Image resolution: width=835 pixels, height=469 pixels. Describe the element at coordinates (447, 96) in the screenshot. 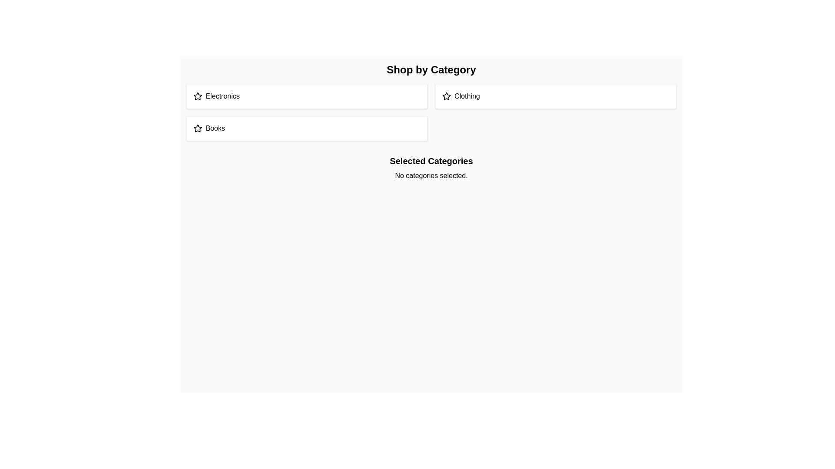

I see `the star-shaped icon with a hollow center located to the left of the 'Clothing' text label in the 'Shop by Category' section` at that location.